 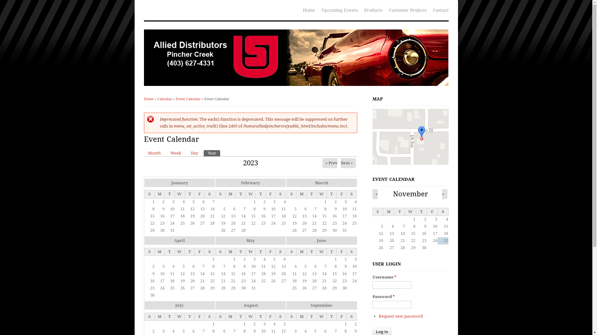 I want to click on 'August', so click(x=251, y=305).